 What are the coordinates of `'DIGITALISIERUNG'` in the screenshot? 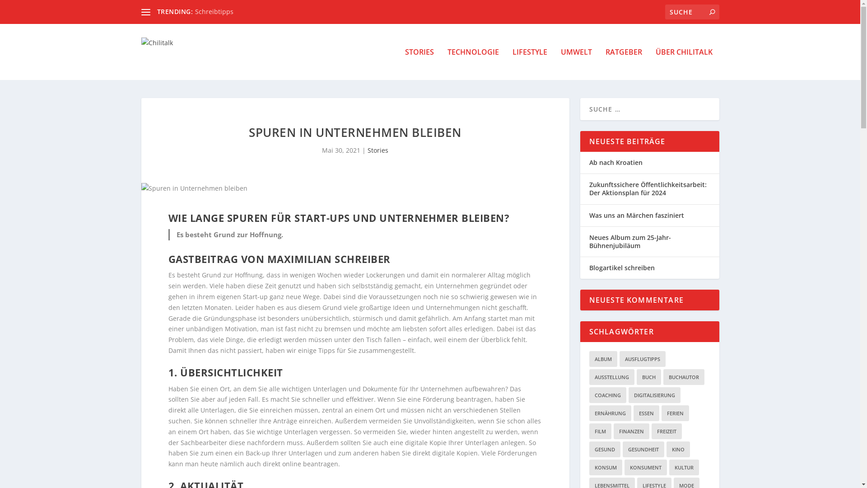 It's located at (654, 394).